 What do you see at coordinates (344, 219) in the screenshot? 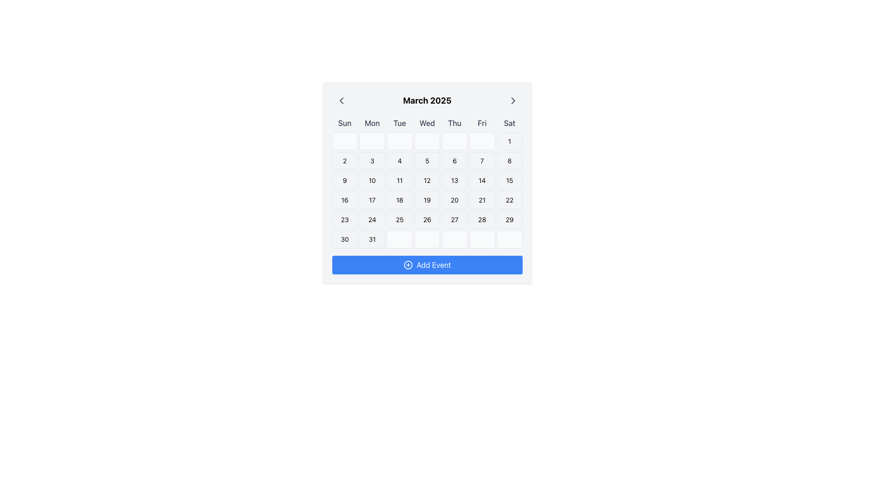
I see `the selectable day button for March 23, 2025, located in the calendar interface, specifically the first element in the row starting with the number 16` at bounding box center [344, 219].